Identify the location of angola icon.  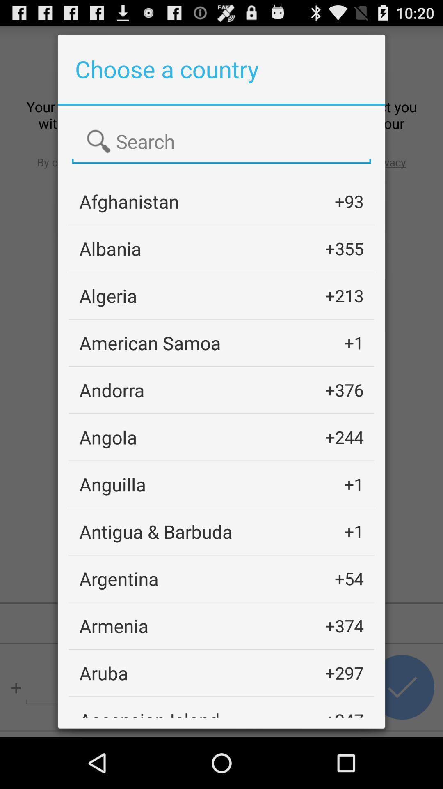
(107, 436).